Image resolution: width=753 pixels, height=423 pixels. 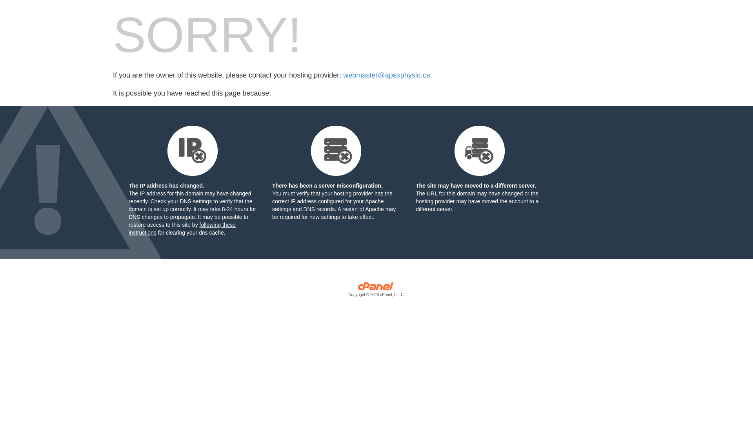 I want to click on 'webmaster@apexphysio.ca', so click(x=386, y=75).